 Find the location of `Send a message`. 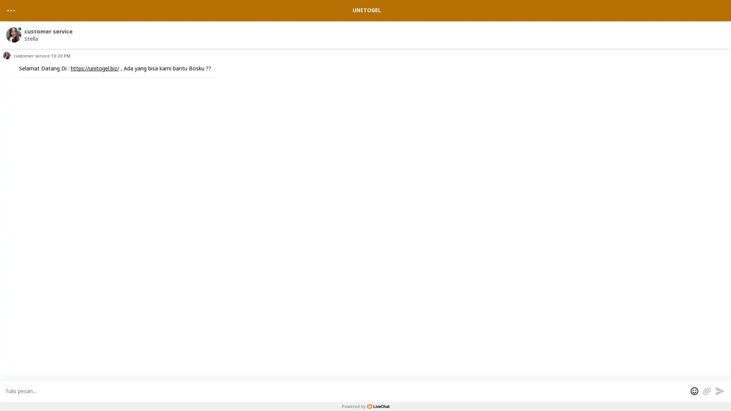

Send a message is located at coordinates (719, 390).